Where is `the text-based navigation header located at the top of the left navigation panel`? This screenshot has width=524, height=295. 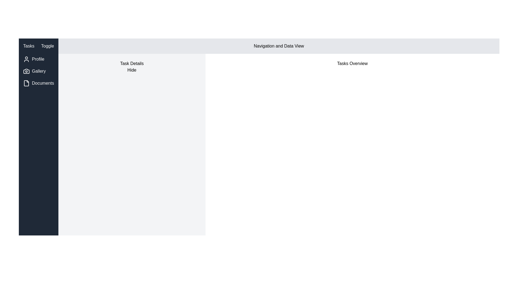 the text-based navigation header located at the top of the left navigation panel is located at coordinates (38, 46).